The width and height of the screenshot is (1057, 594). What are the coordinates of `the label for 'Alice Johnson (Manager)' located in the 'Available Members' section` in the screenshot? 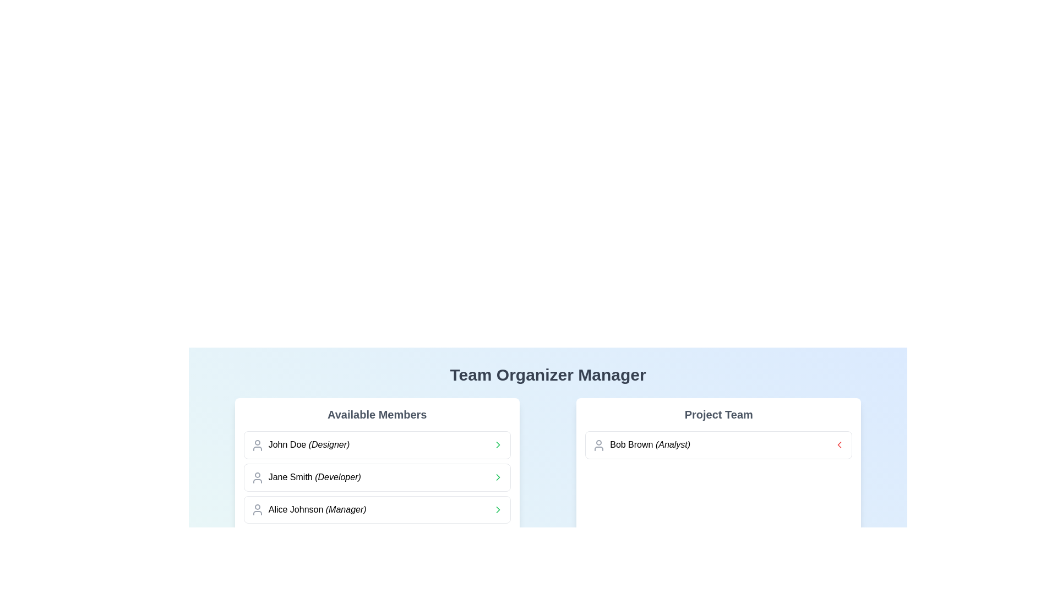 It's located at (345, 509).